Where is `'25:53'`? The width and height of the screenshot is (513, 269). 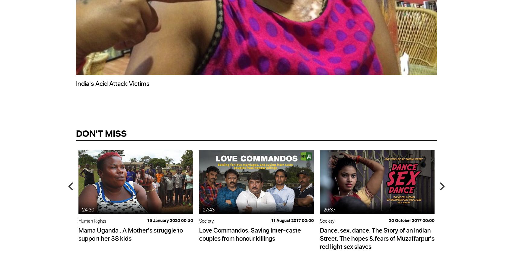
'25:53' is located at coordinates (450, 209).